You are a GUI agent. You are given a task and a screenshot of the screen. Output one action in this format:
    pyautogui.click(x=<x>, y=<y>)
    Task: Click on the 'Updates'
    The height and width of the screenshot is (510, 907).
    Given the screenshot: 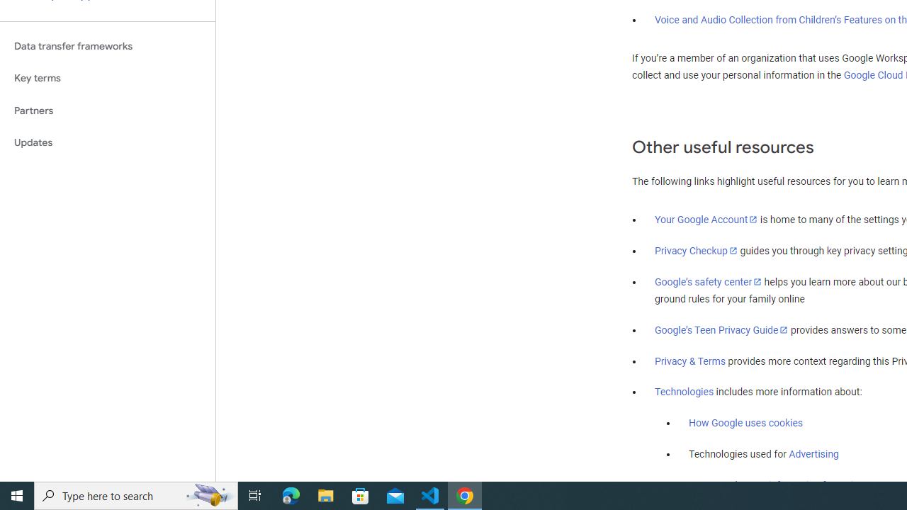 What is the action you would take?
    pyautogui.click(x=107, y=142)
    